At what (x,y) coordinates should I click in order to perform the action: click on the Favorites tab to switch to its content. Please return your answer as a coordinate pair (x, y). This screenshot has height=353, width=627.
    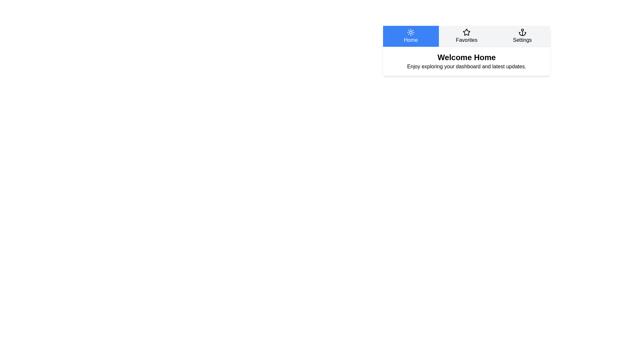
    Looking at the image, I should click on (466, 36).